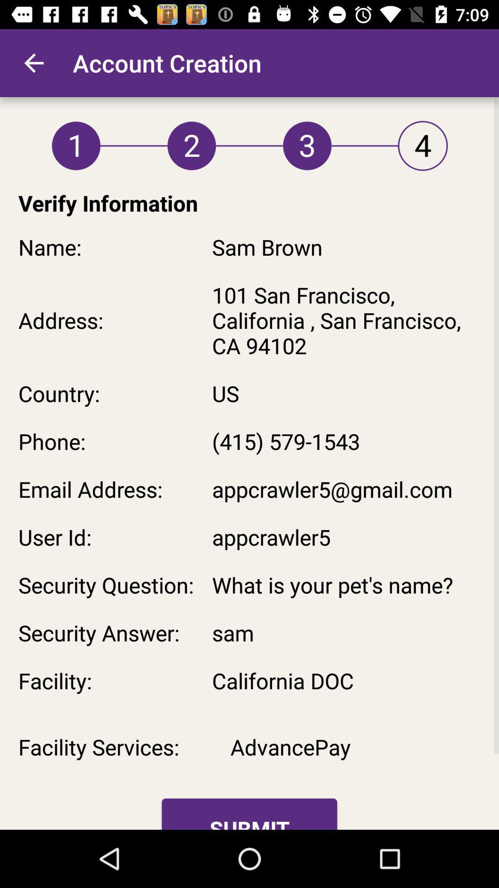 This screenshot has width=499, height=888. What do you see at coordinates (249, 814) in the screenshot?
I see `the icon below the facility services:` at bounding box center [249, 814].